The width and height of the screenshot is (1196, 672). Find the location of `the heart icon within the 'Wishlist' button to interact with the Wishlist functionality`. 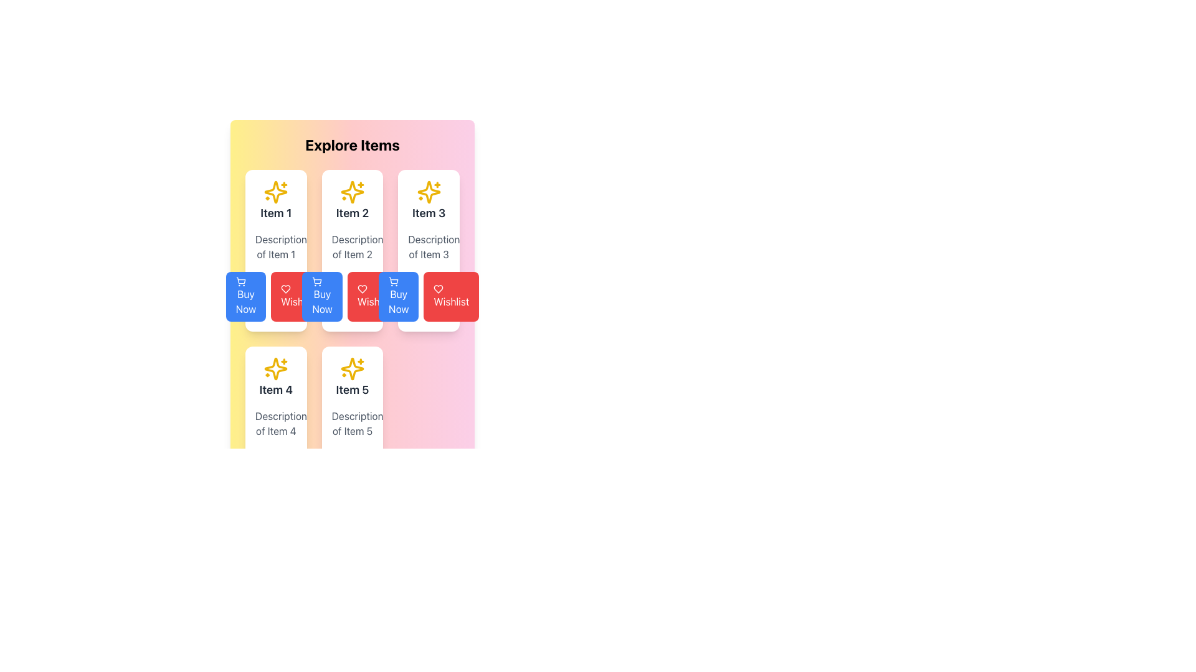

the heart icon within the 'Wishlist' button to interact with the Wishlist functionality is located at coordinates (361, 289).